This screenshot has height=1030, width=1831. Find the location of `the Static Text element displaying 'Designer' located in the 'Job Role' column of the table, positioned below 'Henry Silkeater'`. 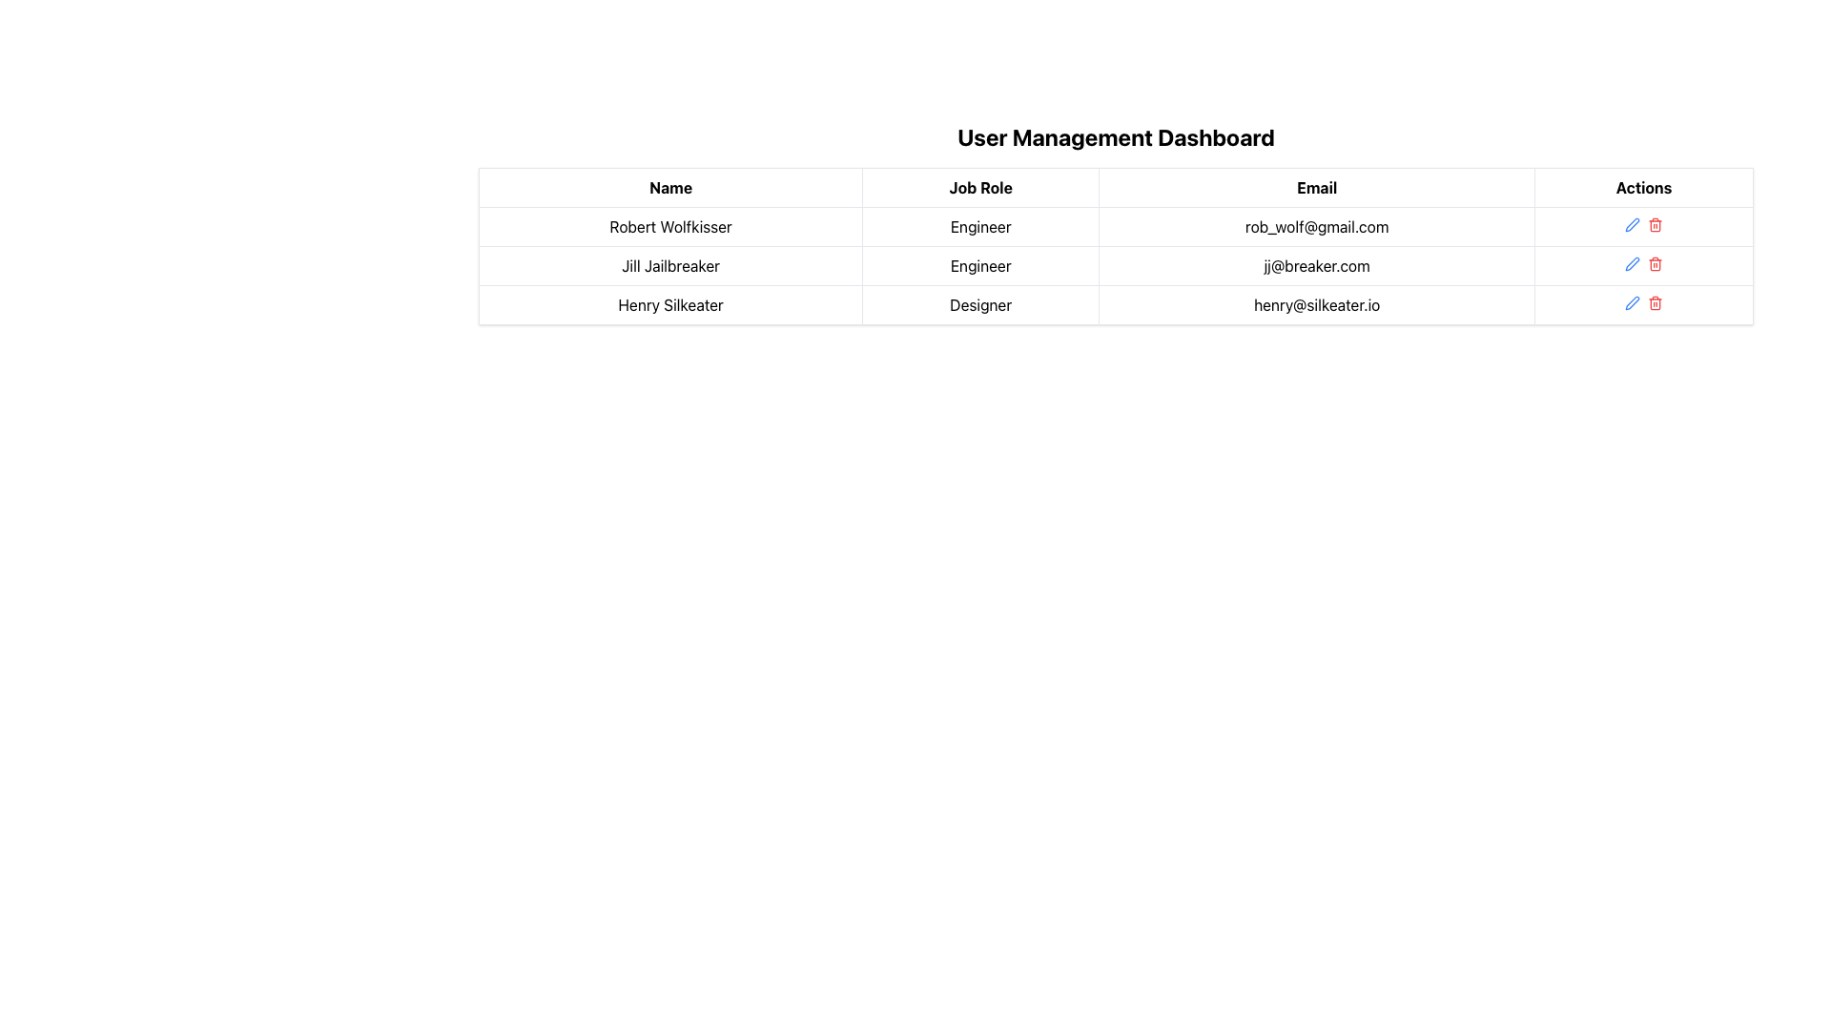

the Static Text element displaying 'Designer' located in the 'Job Role' column of the table, positioned below 'Henry Silkeater' is located at coordinates (980, 304).